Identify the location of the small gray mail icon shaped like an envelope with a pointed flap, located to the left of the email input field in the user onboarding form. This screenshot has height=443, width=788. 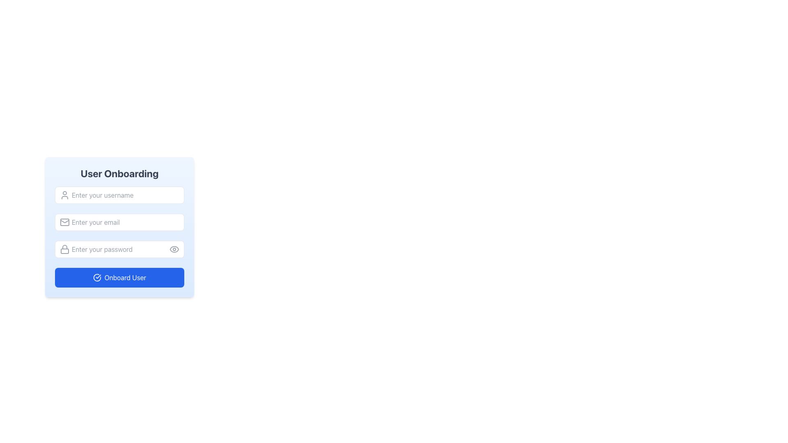
(64, 222).